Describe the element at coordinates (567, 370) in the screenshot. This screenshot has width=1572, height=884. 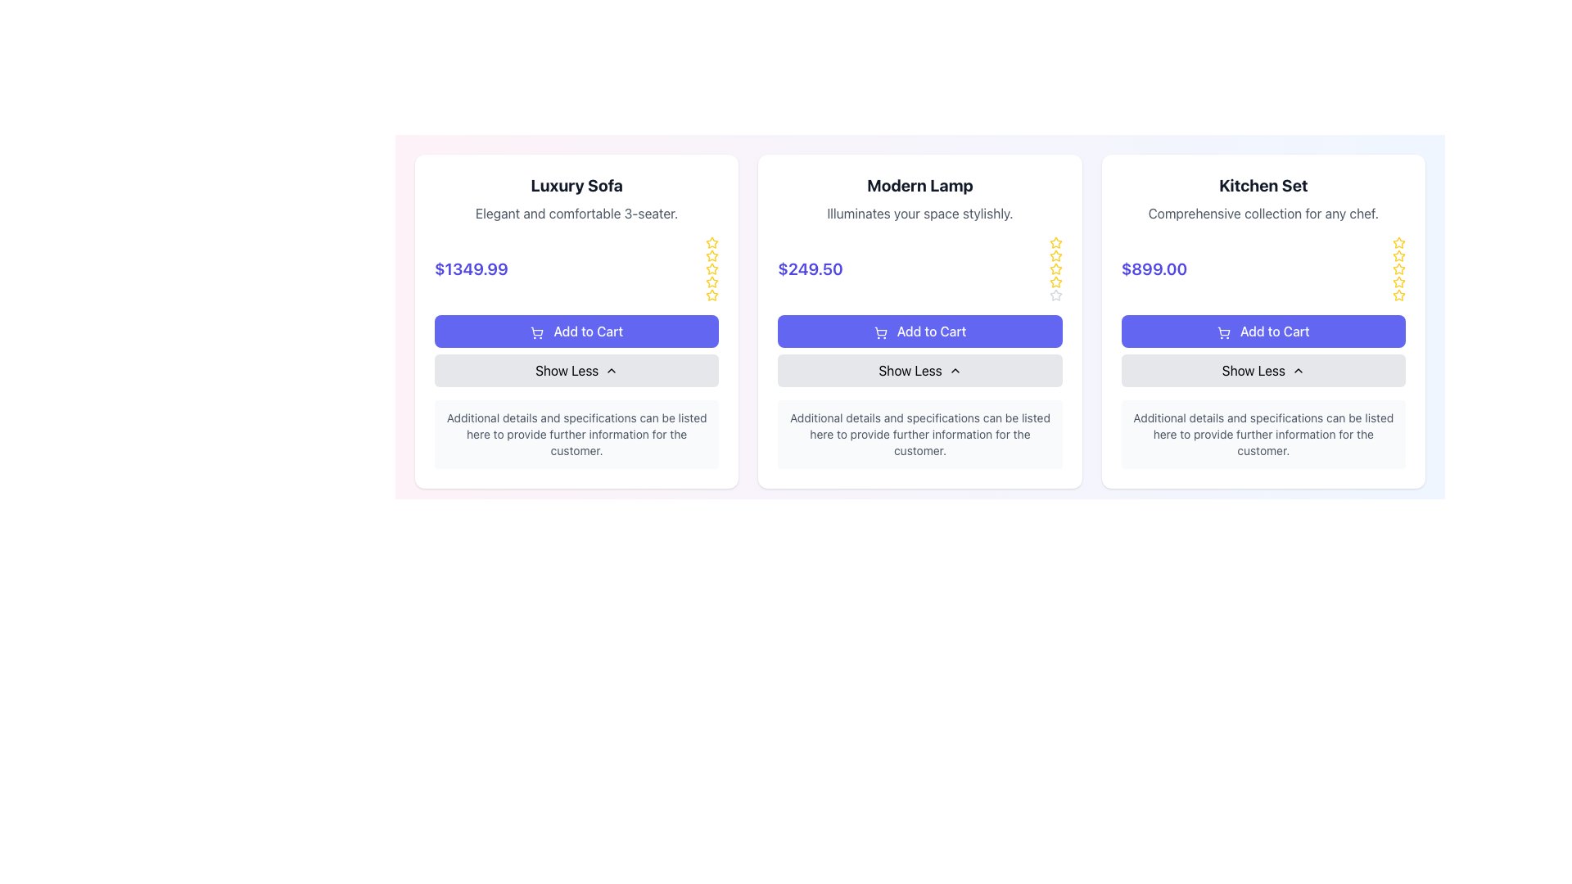
I see `the Text Label within the gray button below the 'Add to Cart' button for the 'Luxury Sofa' card` at that location.